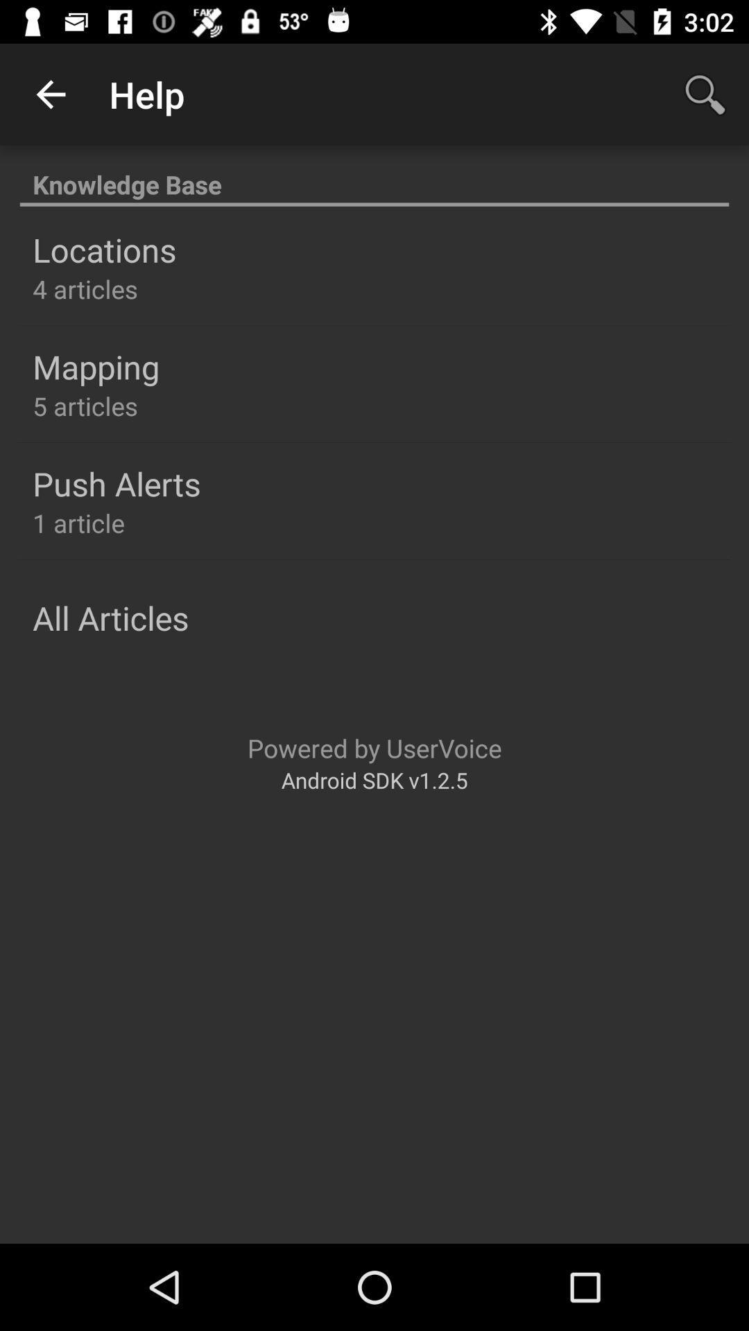 Image resolution: width=749 pixels, height=1331 pixels. I want to click on the icon above the 4 articles, so click(103, 250).